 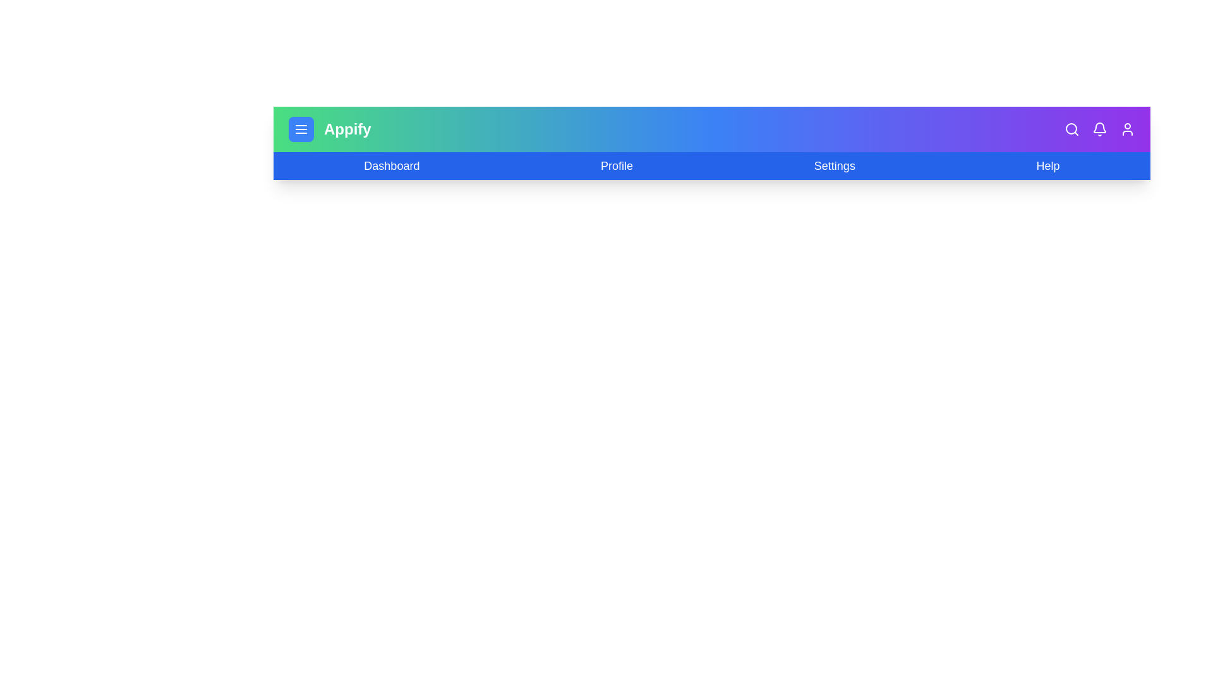 What do you see at coordinates (1128, 129) in the screenshot?
I see `the user icon to trigger account actions` at bounding box center [1128, 129].